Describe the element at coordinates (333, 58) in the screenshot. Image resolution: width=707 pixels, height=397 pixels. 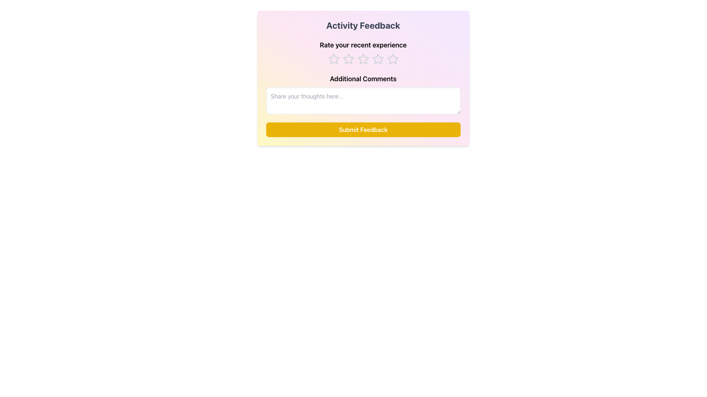
I see `the first star in the rating system` at that location.